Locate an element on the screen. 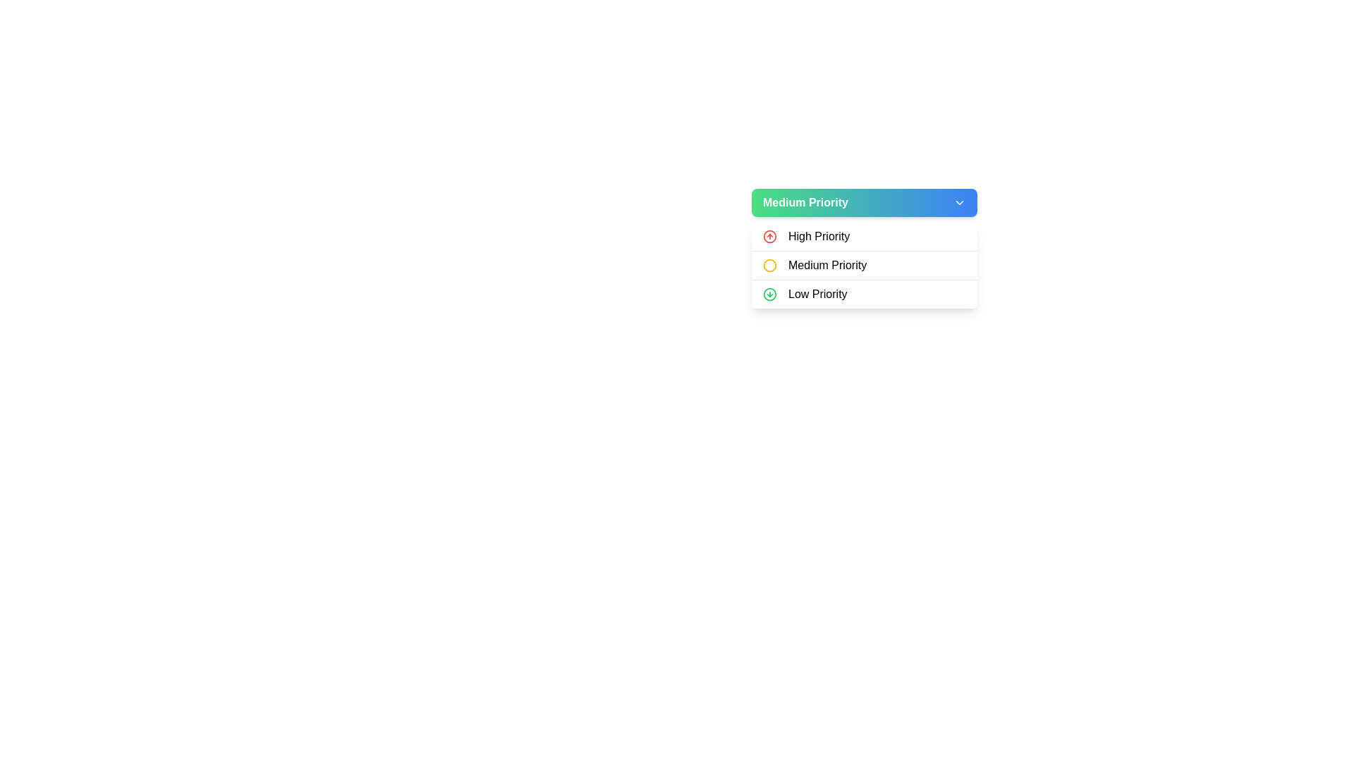 This screenshot has width=1354, height=761. the circular icon outlined in yellow located to the left of the text 'Medium Priority' is located at coordinates (769, 266).